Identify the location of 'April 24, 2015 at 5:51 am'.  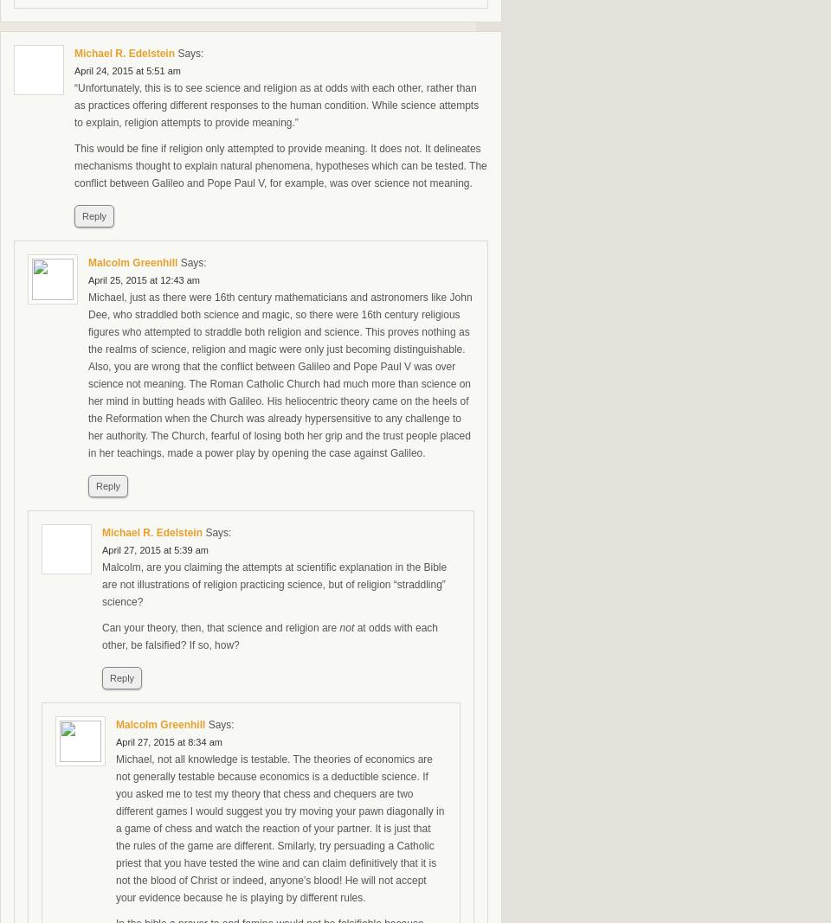
(126, 70).